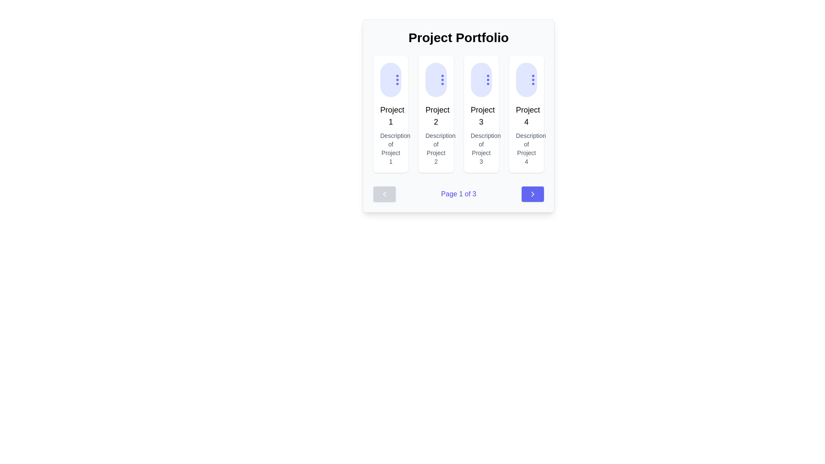 Image resolution: width=825 pixels, height=464 pixels. I want to click on the card labeled 'Project 2' to highlight it, which is the second card in a horizontal row of four cards, so click(436, 114).